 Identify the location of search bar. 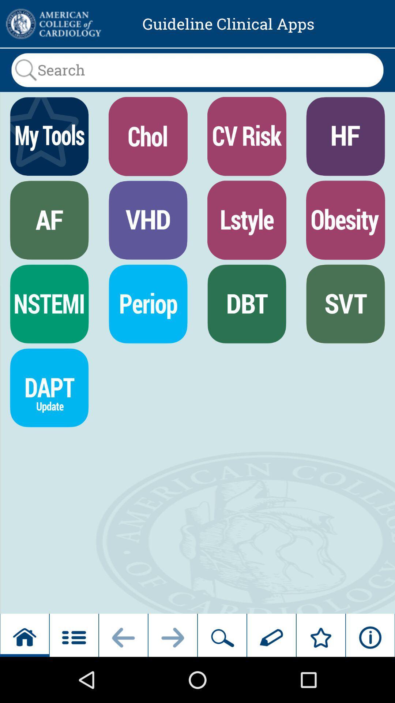
(197, 70).